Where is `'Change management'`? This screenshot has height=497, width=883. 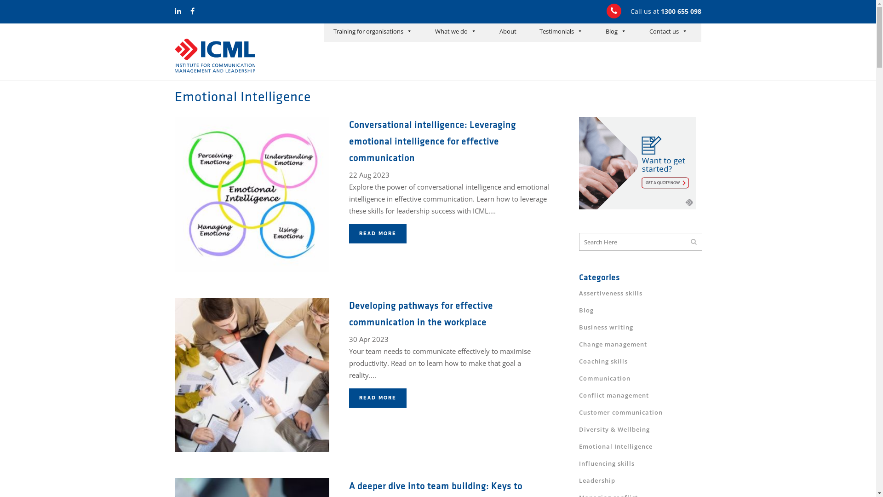 'Change management' is located at coordinates (613, 344).